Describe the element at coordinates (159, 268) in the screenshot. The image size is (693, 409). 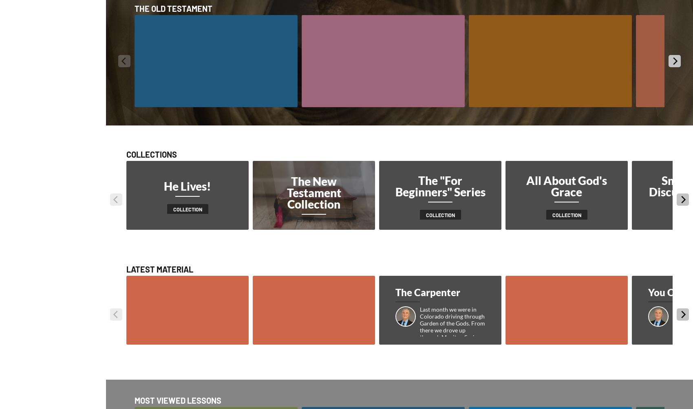
I see `'Latest Material'` at that location.